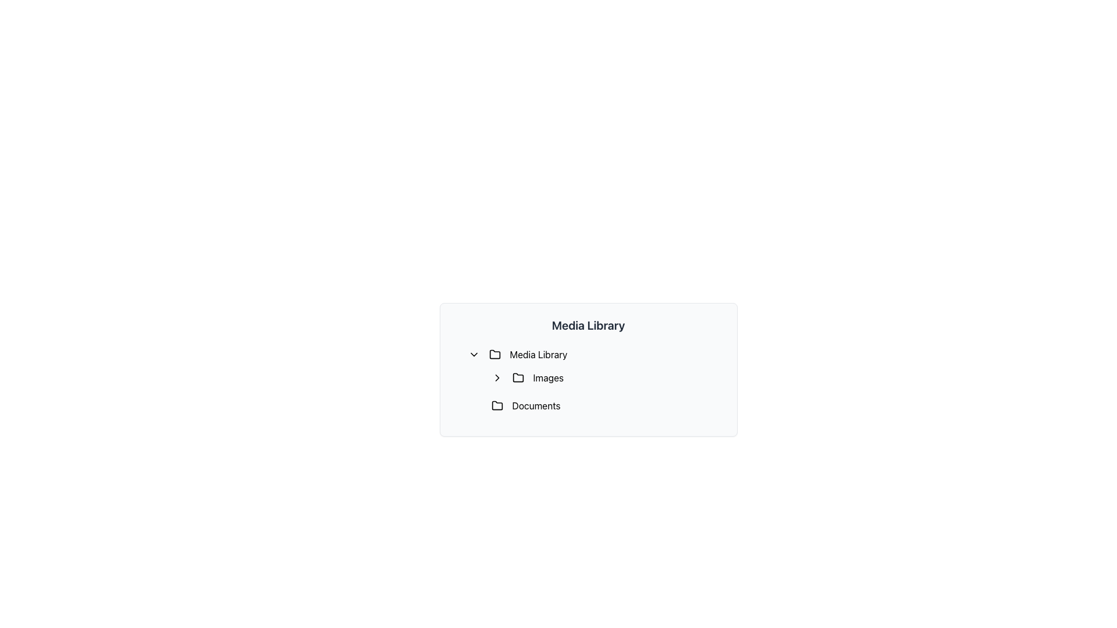 This screenshot has height=628, width=1117. I want to click on the folder icon located to the left of the text 'Documents' in the 'Media Library' menu, so click(497, 405).